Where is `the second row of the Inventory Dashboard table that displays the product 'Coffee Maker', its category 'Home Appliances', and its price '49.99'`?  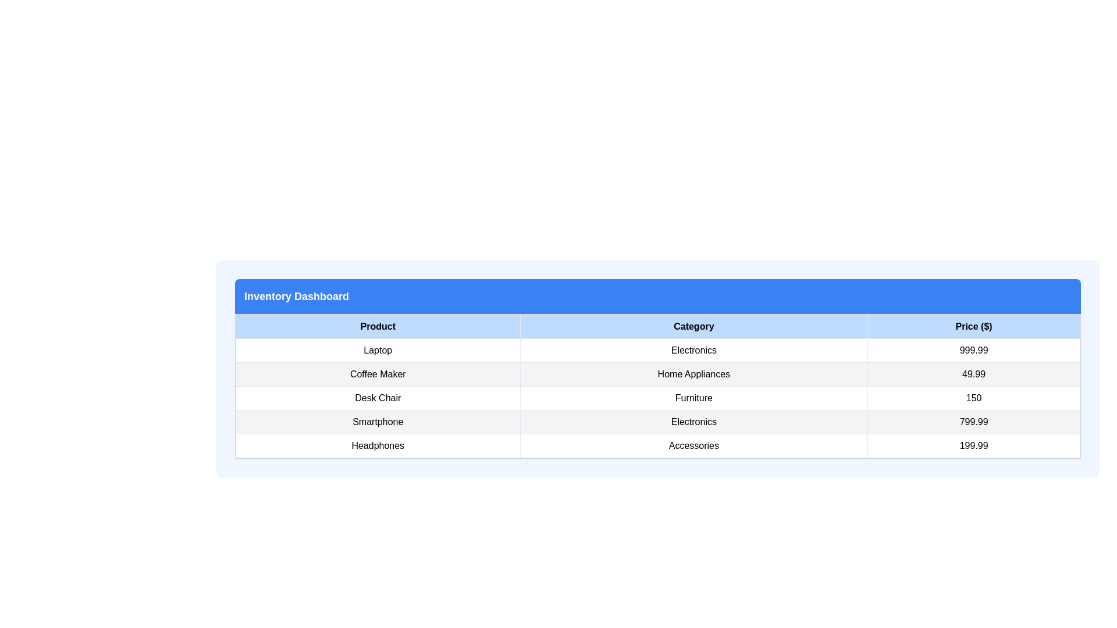
the second row of the Inventory Dashboard table that displays the product 'Coffee Maker', its category 'Home Appliances', and its price '49.99' is located at coordinates (658, 374).